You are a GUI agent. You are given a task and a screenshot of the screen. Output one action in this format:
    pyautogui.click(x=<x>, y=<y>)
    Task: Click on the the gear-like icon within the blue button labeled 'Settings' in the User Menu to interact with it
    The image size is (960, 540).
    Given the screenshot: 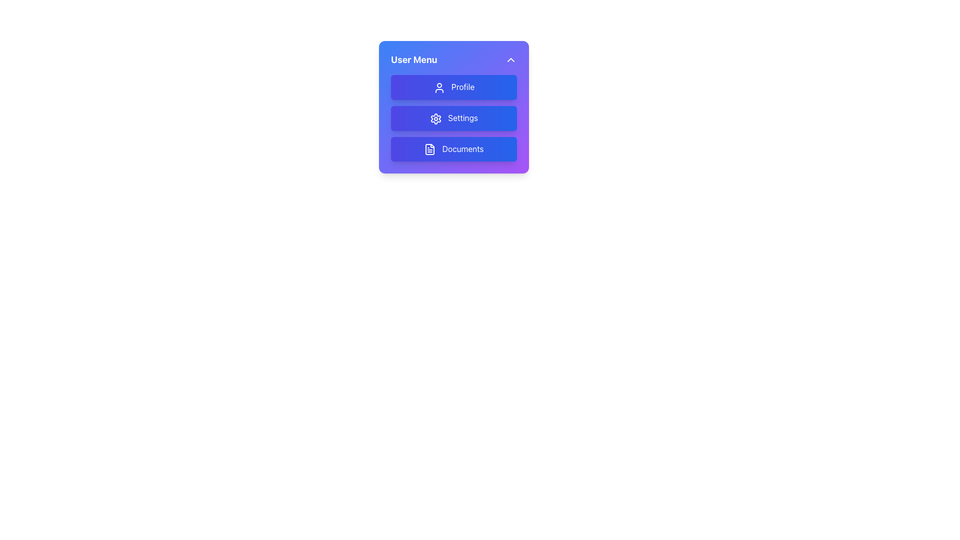 What is the action you would take?
    pyautogui.click(x=436, y=118)
    